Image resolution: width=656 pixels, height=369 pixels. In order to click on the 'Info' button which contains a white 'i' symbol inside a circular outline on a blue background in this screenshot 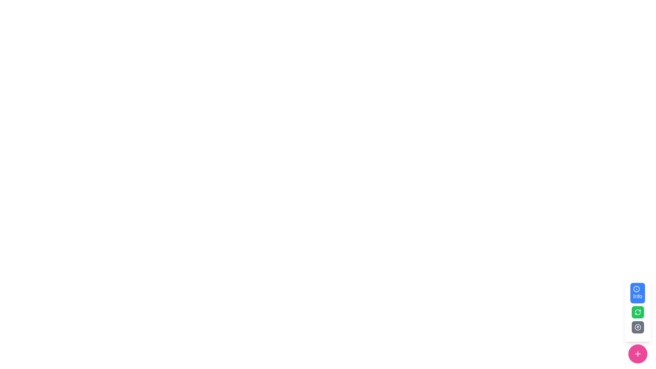, I will do `click(636, 289)`.